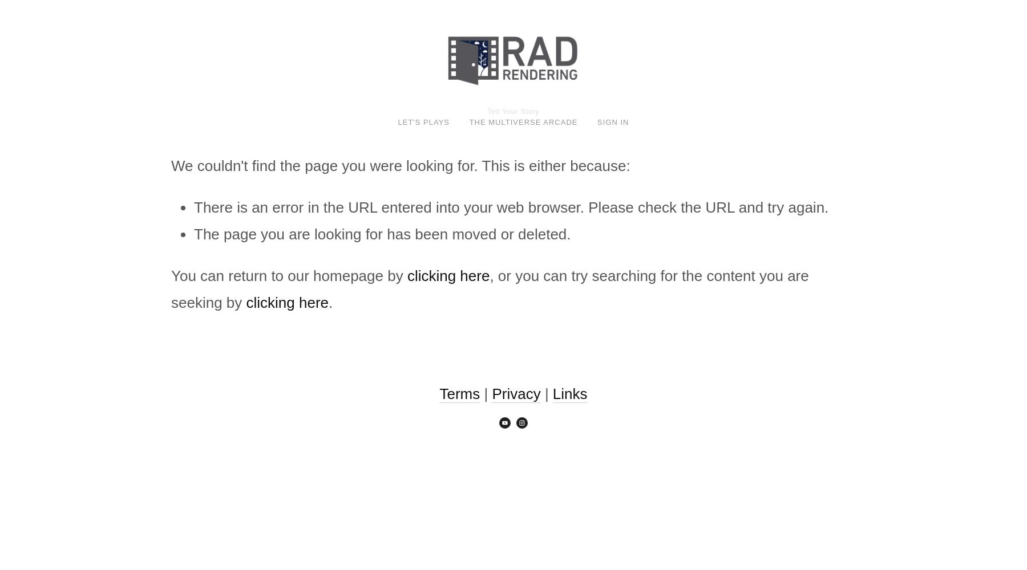 The height and width of the screenshot is (570, 1027). I want to click on 'Tell Your Story', so click(513, 111).